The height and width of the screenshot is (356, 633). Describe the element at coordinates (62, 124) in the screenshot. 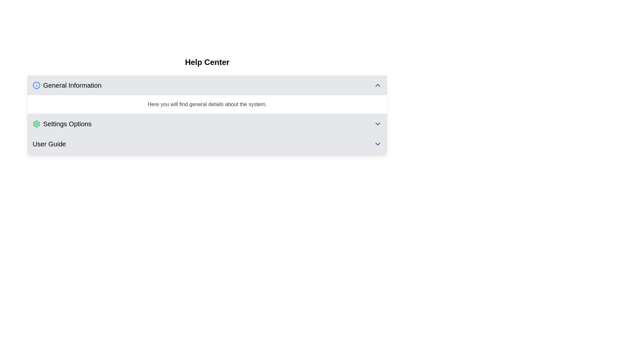

I see `the menu item located in the second row of the 'Help Center' list, positioned below 'General Information' and above 'User Guide'` at that location.